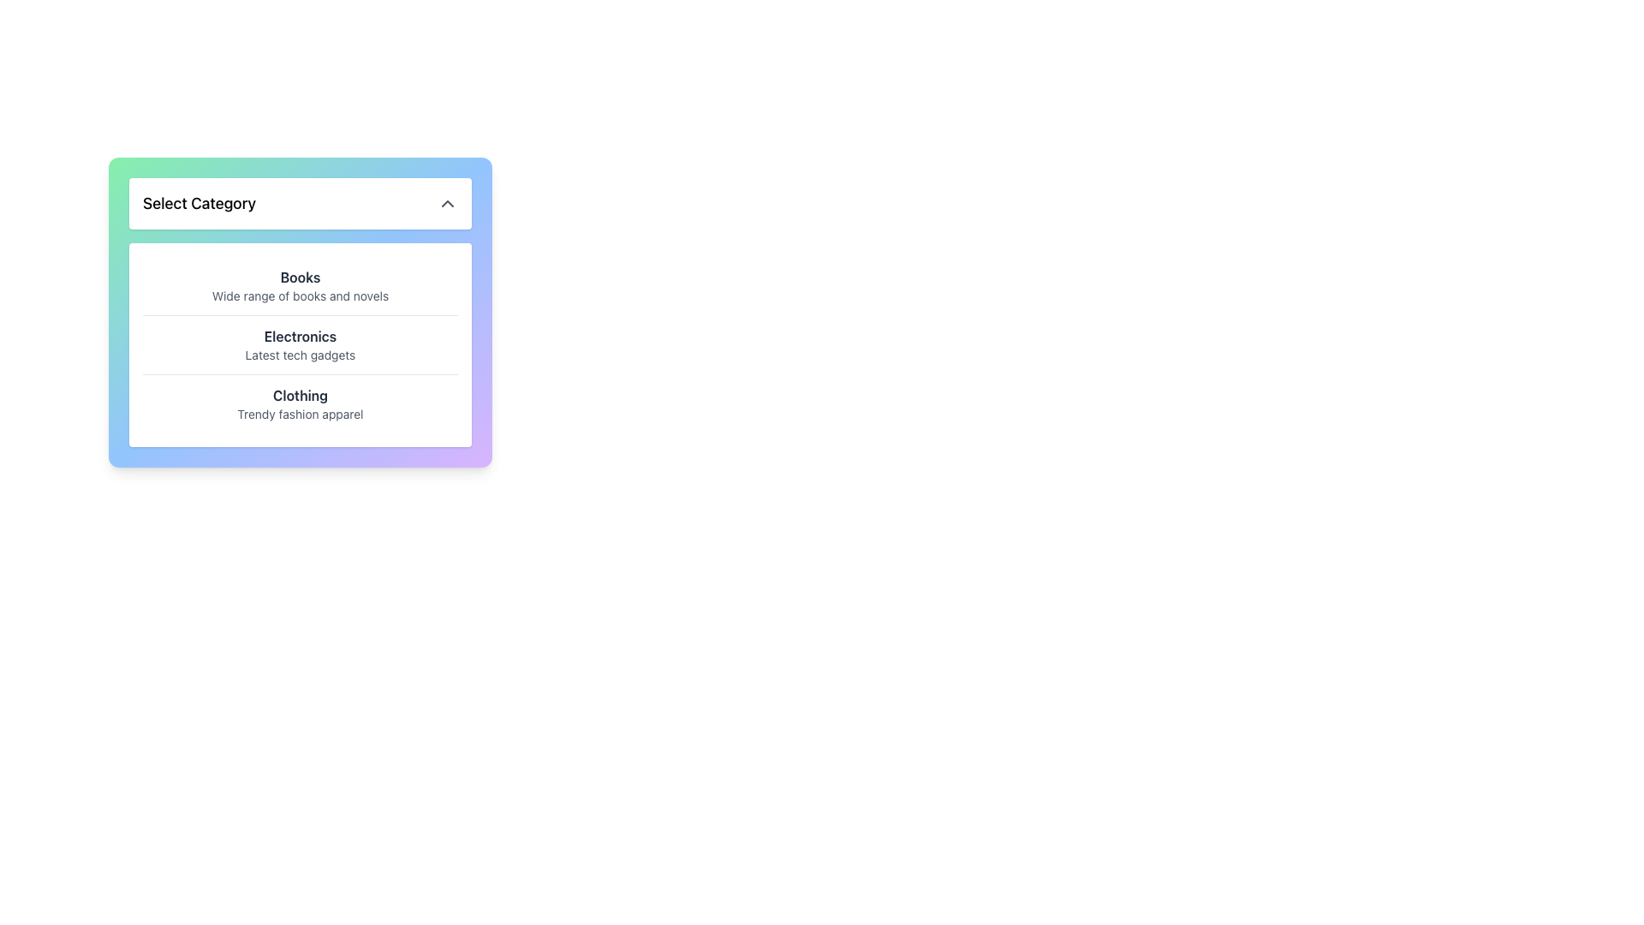  What do you see at coordinates (300, 344) in the screenshot?
I see `the second category item in the list, which relates to electronics and gadgets` at bounding box center [300, 344].